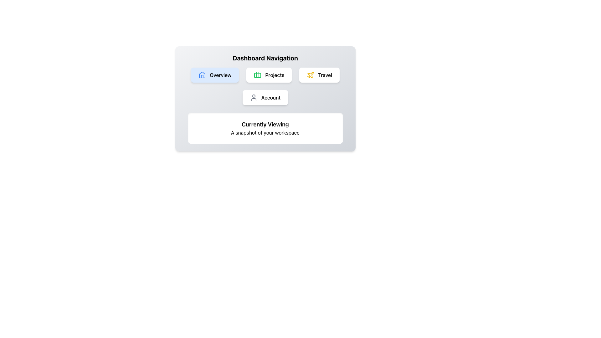 This screenshot has width=601, height=338. What do you see at coordinates (311, 74) in the screenshot?
I see `the 'Travel' icon in the 'Dashboard Navigation' panel, which is the third button in the top row, located to the right of the 'Projects' button` at bounding box center [311, 74].